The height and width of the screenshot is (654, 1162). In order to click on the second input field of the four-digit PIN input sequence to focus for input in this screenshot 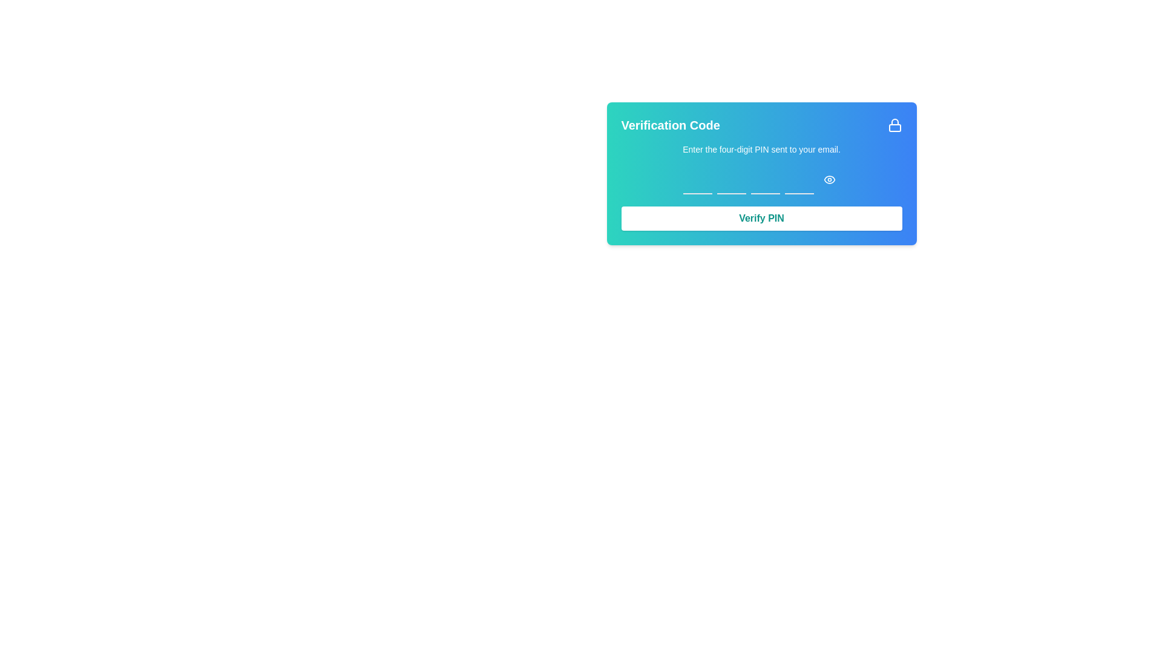, I will do `click(730, 180)`.